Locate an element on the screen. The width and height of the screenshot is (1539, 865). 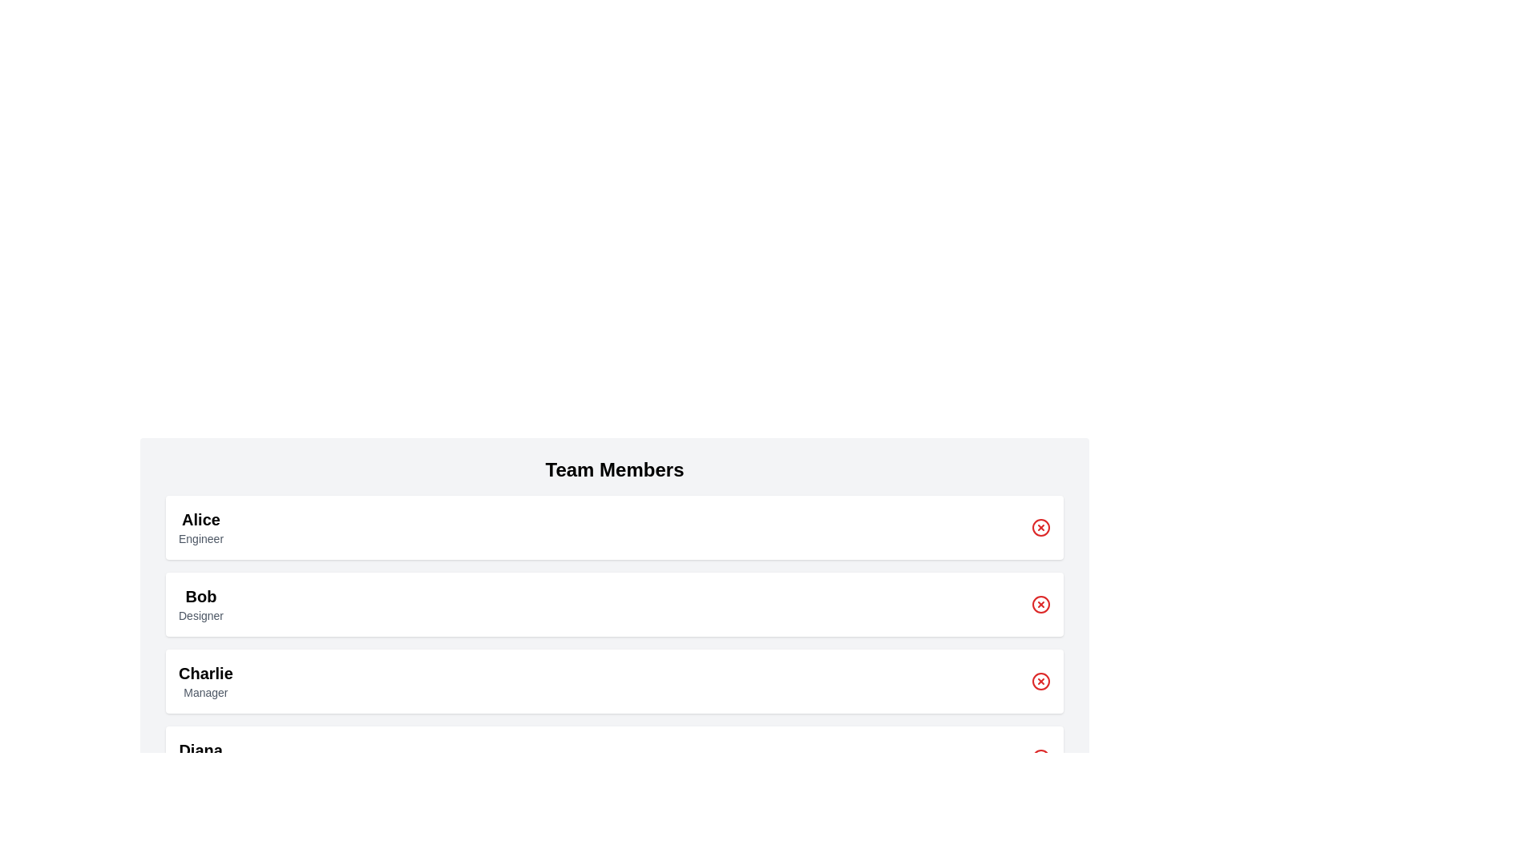
the circular SVG component that is part of the 'x' icon indicating a delete or close action for the associated team member entry is located at coordinates (1041, 758).